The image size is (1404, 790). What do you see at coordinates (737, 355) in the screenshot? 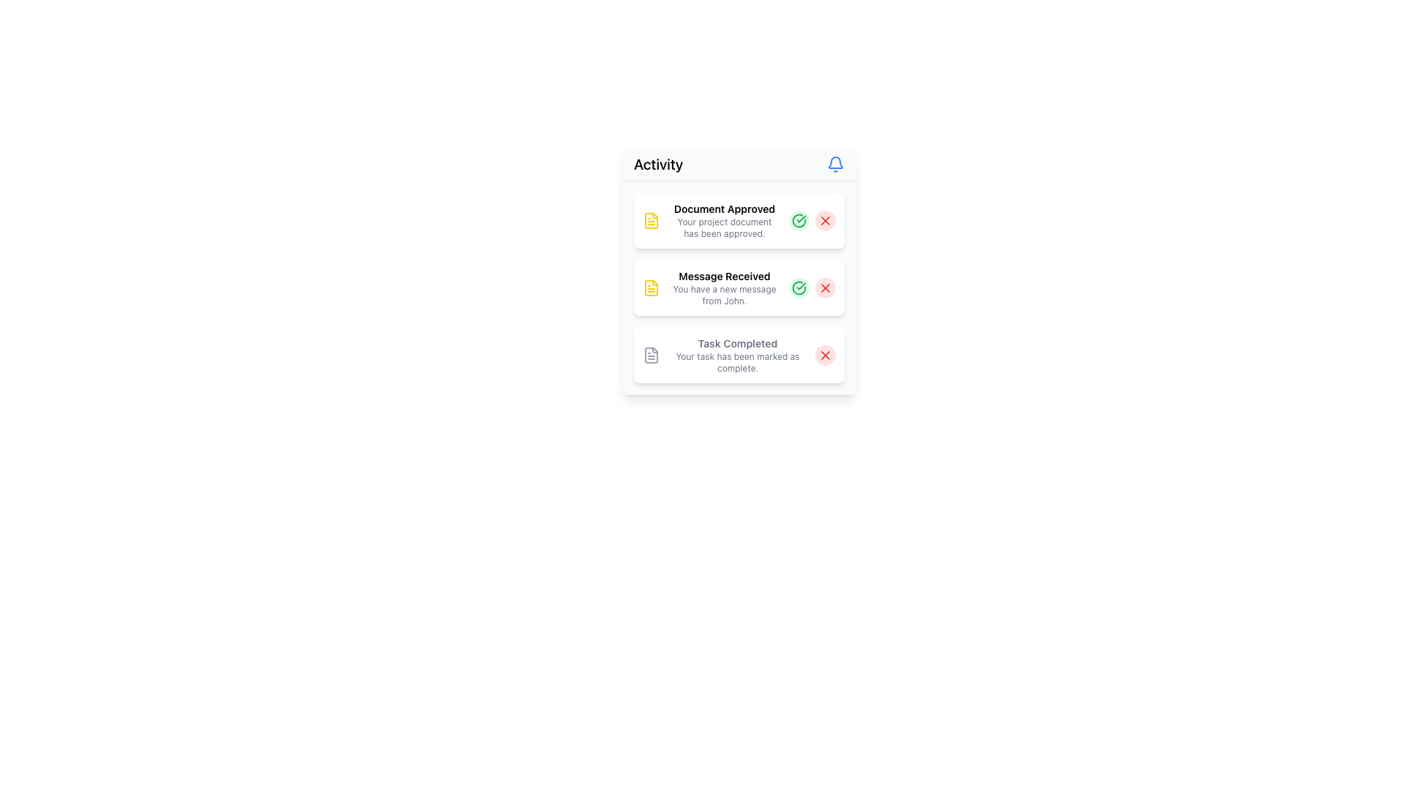
I see `the text block that displays 'Task Completed' and 'Your task has been marked as complete.' located below 'Message Received'` at bounding box center [737, 355].